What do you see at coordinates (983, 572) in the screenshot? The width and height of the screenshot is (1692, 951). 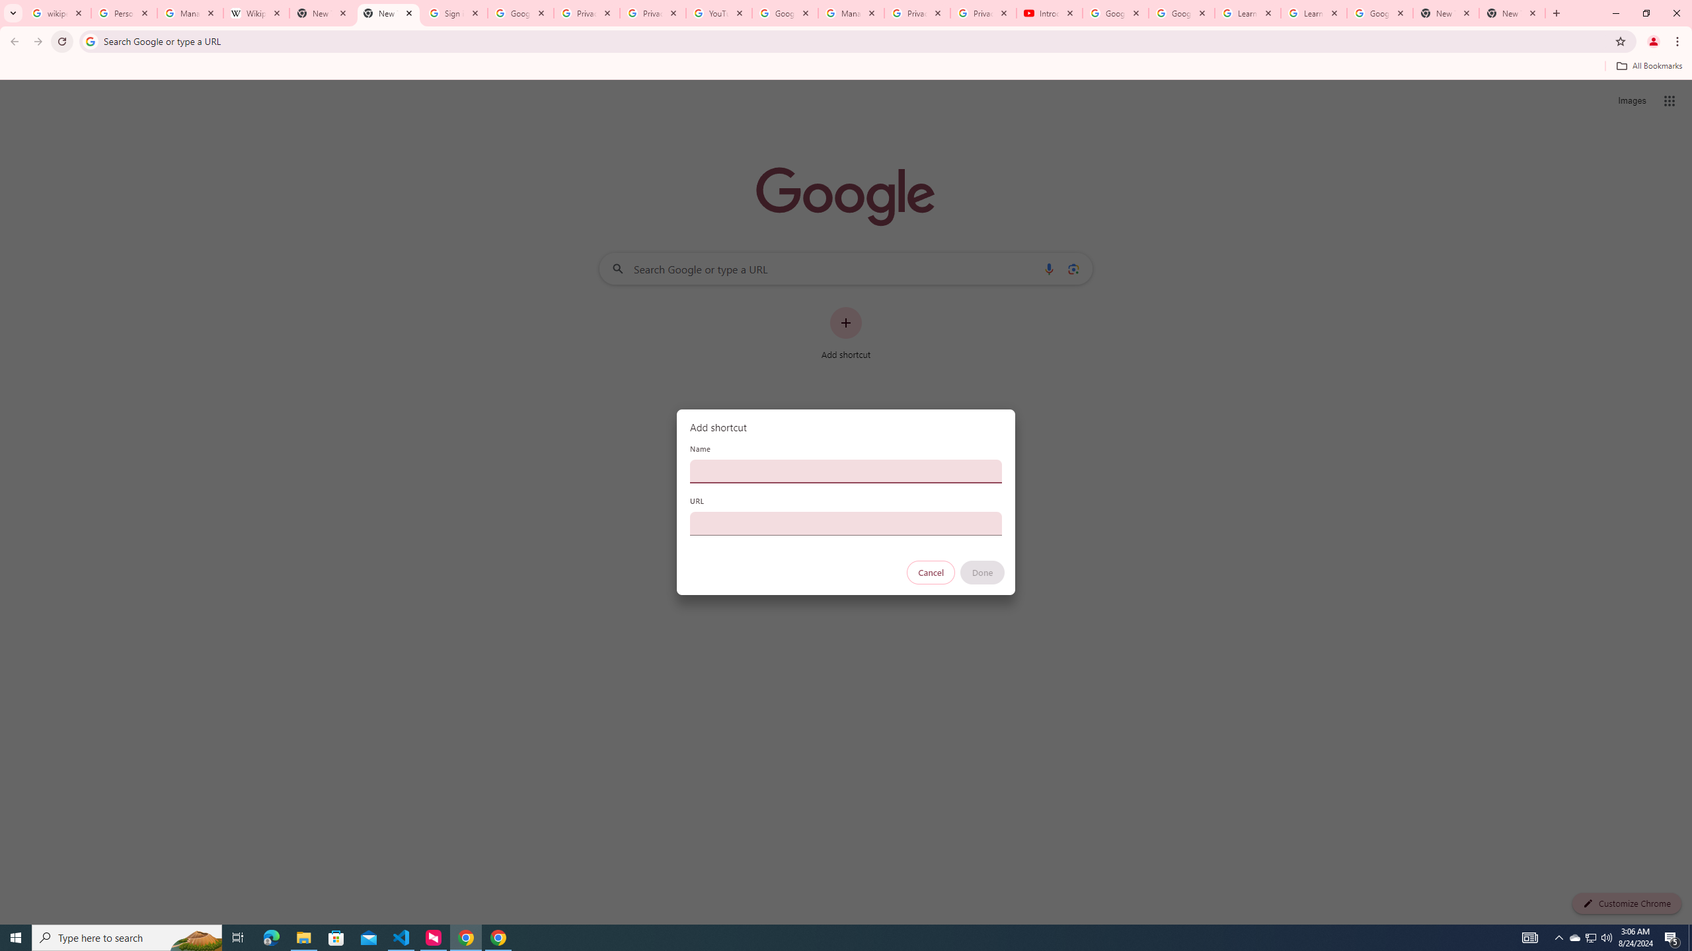 I see `'Done'` at bounding box center [983, 572].